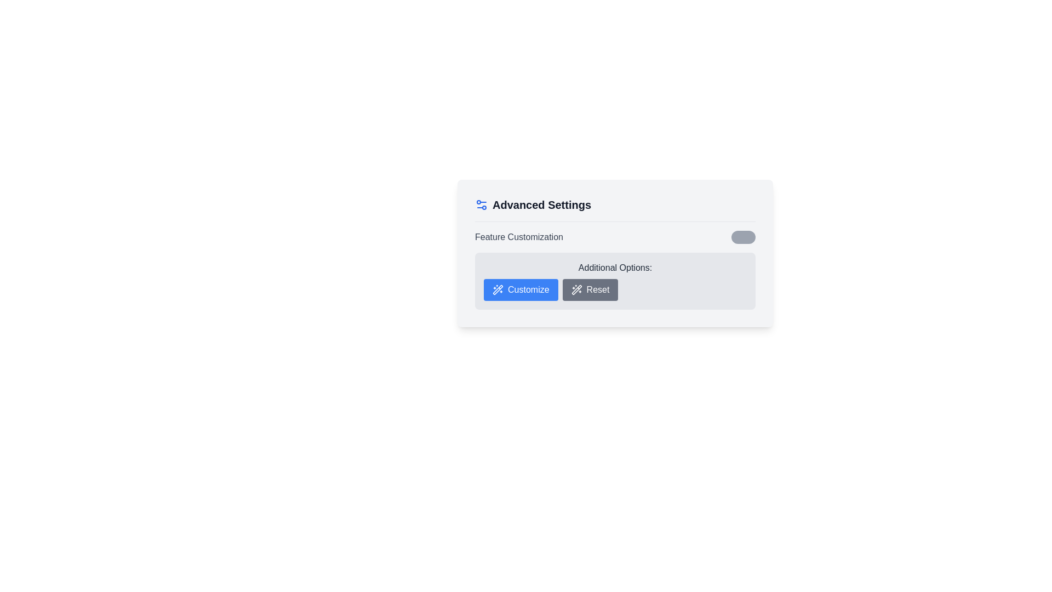 The height and width of the screenshot is (592, 1052). I want to click on the decorative wand icon with sparkles located to the left of the 'Advanced Settings' text in the top-left of the card header, so click(576, 289).